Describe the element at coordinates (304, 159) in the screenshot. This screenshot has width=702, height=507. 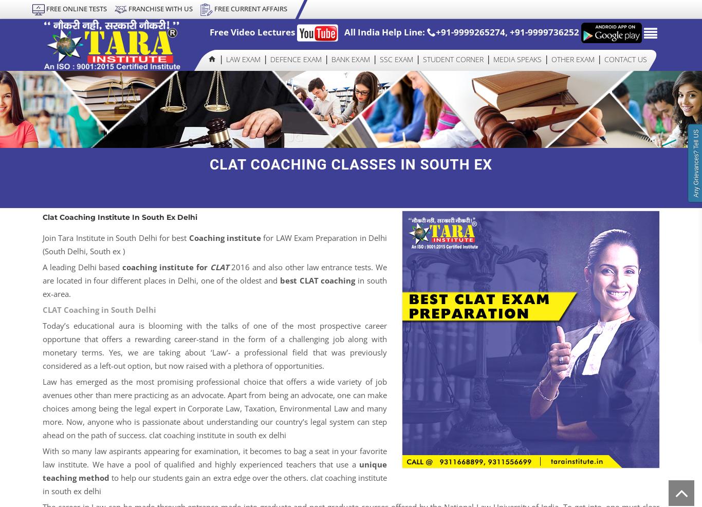
I see `'Air Force X Group'` at that location.